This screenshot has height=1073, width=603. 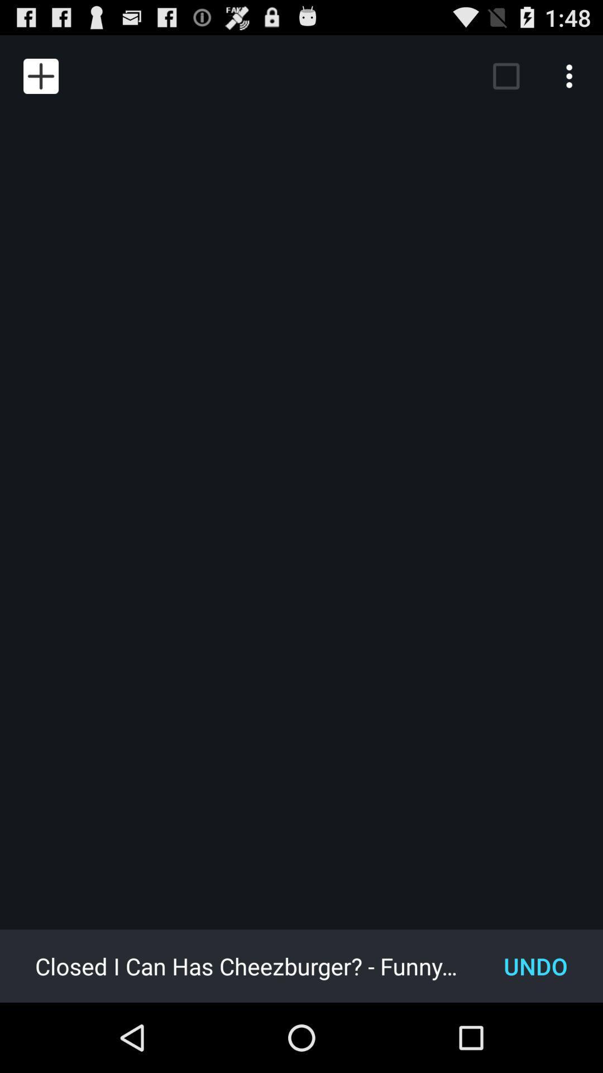 I want to click on icon next to the closed i can, so click(x=535, y=965).